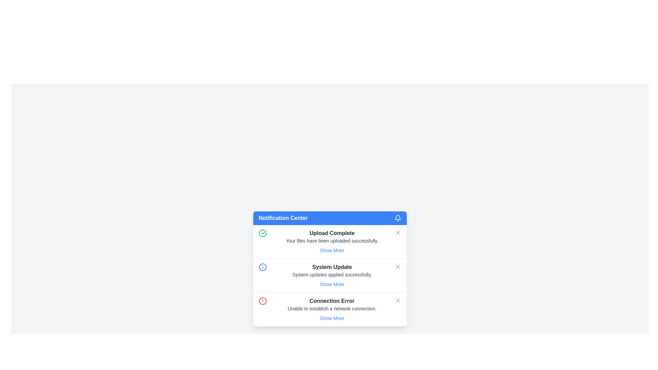 The image size is (658, 370). What do you see at coordinates (283, 218) in the screenshot?
I see `the Text label that serves as the title for the notification center, which is centrally aligned and positioned to the left of the bell icon` at bounding box center [283, 218].